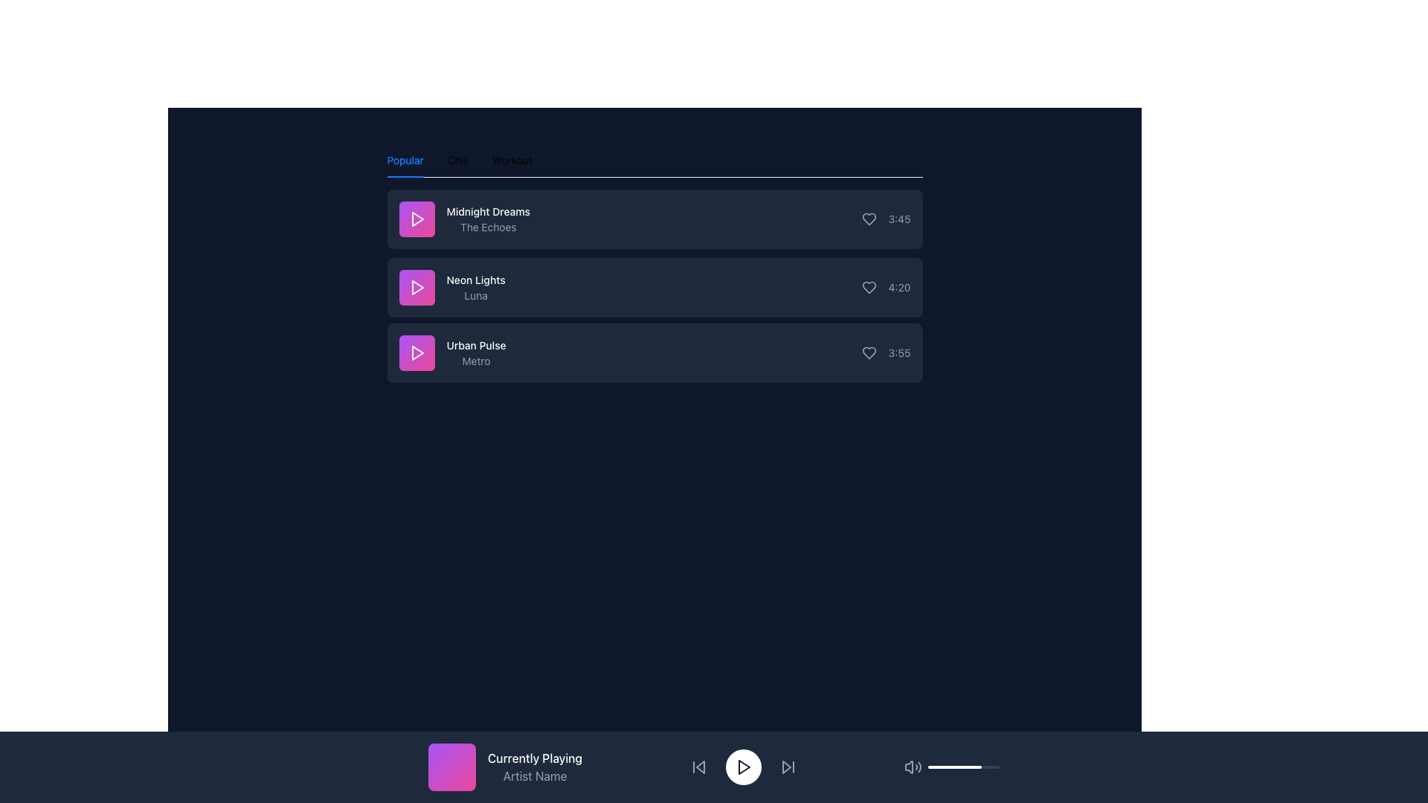 This screenshot has width=1428, height=803. Describe the element at coordinates (699, 767) in the screenshot. I see `the 'previous track' button, represented by a triangular glyph, located to the left of the play button in the media player interface` at that location.